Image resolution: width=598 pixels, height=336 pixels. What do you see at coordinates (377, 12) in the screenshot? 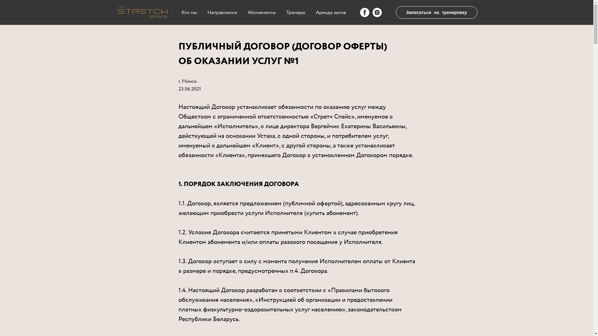
I see `'Instagram'` at bounding box center [377, 12].